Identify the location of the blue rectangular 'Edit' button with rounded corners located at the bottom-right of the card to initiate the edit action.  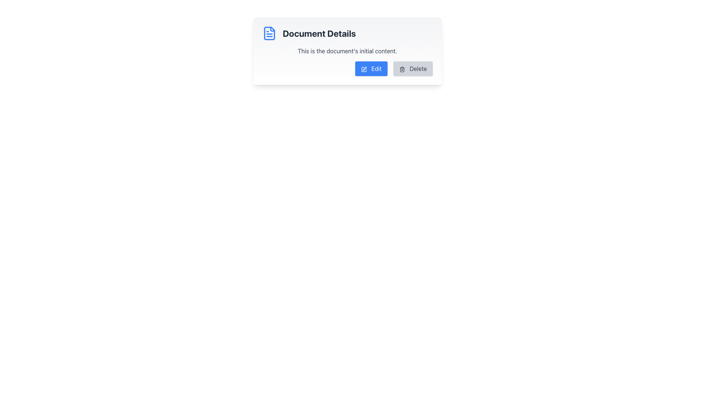
(371, 68).